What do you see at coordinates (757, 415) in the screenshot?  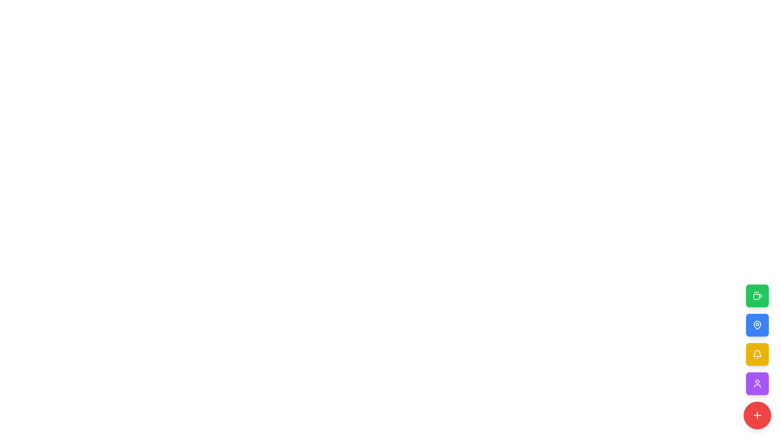 I see `the prominent circular button with a red background and a '+' symbol` at bounding box center [757, 415].